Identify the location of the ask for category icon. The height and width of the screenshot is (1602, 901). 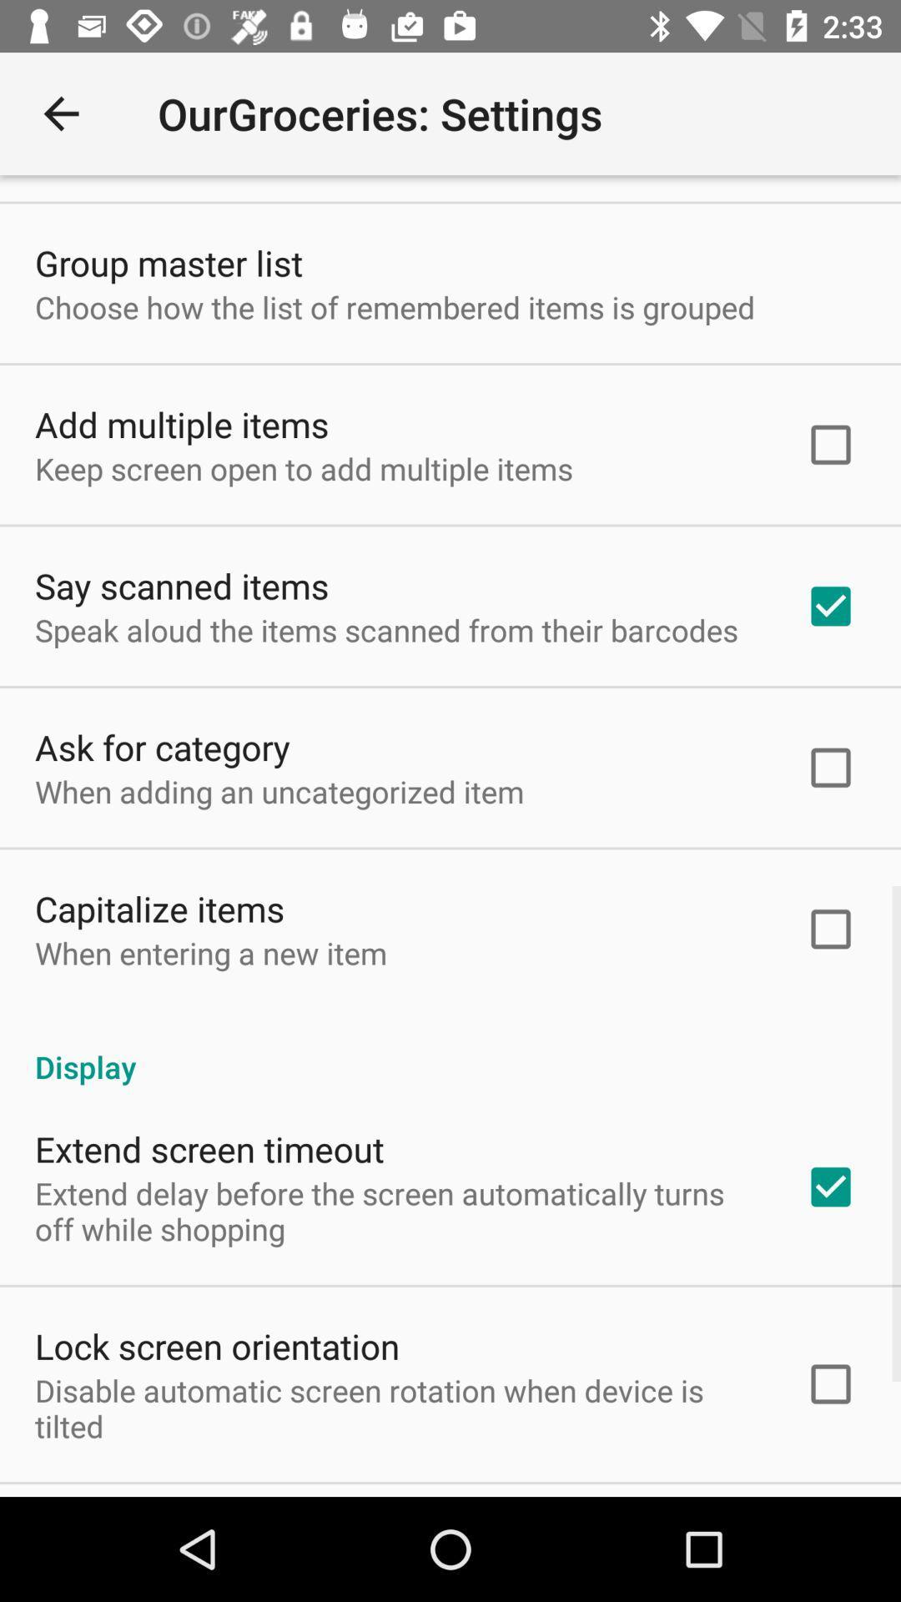
(163, 746).